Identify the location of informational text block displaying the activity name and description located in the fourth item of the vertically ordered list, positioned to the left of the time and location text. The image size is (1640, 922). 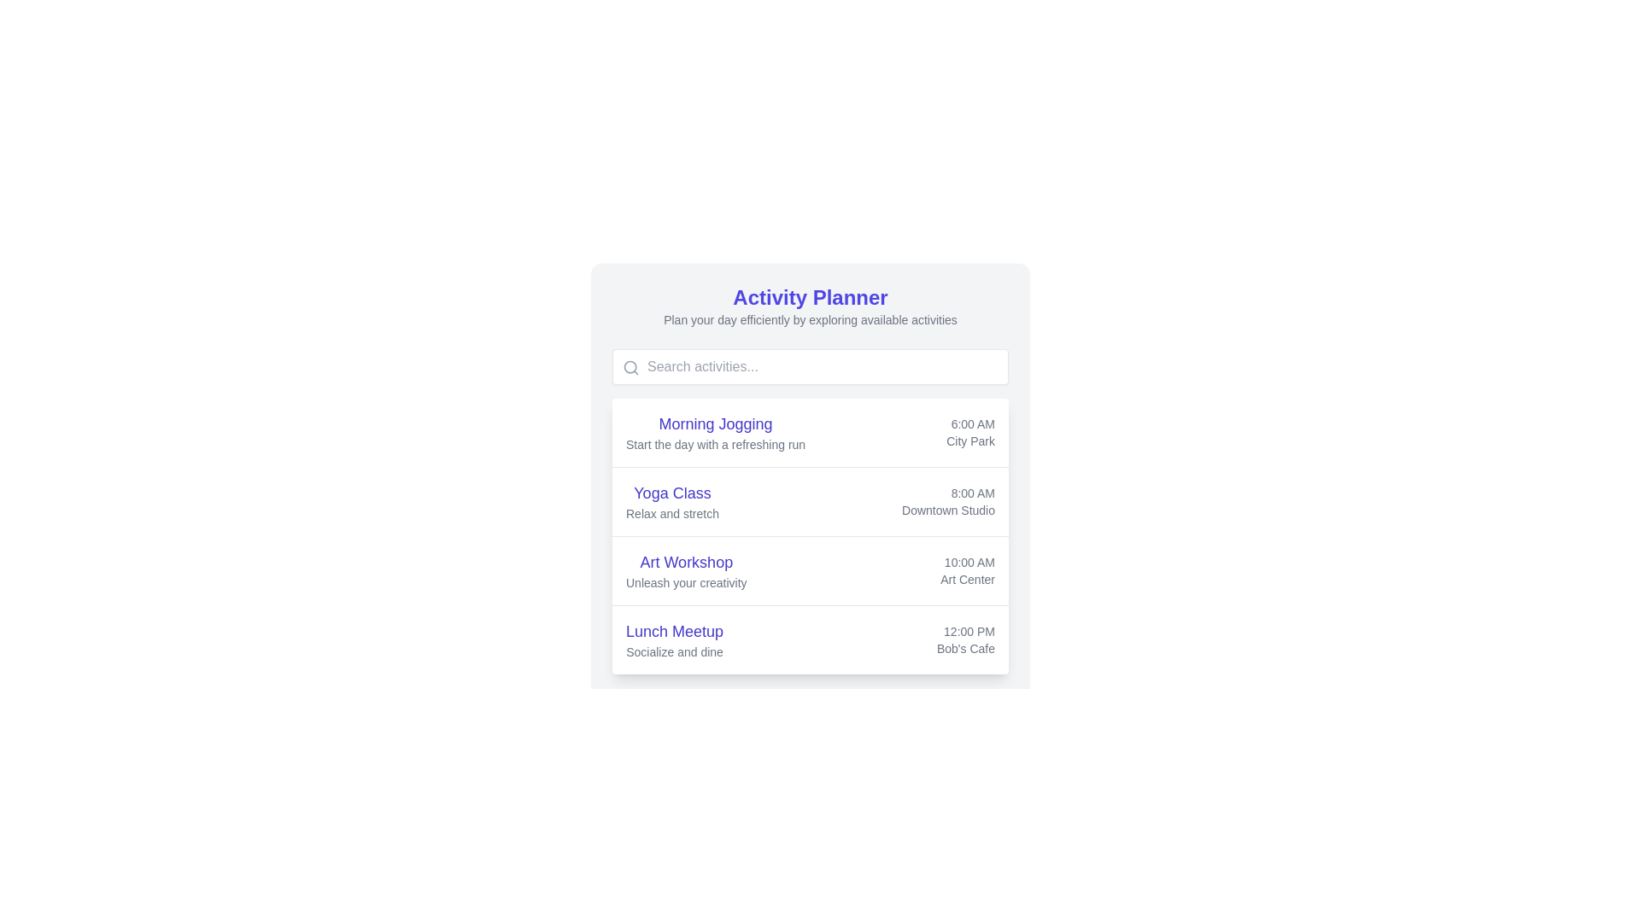
(674, 639).